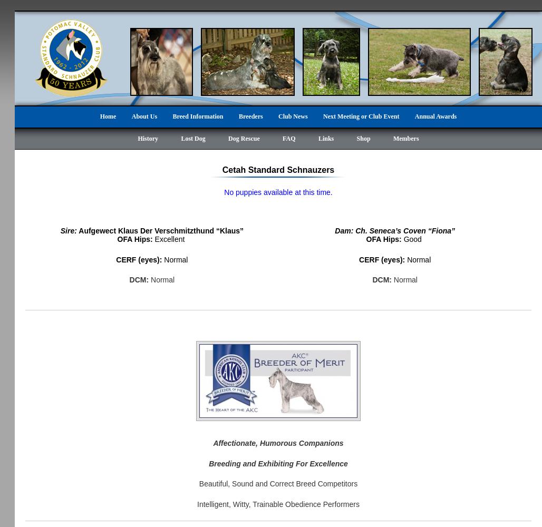 This screenshot has height=527, width=542. Describe the element at coordinates (413, 238) in the screenshot. I see `'Good'` at that location.